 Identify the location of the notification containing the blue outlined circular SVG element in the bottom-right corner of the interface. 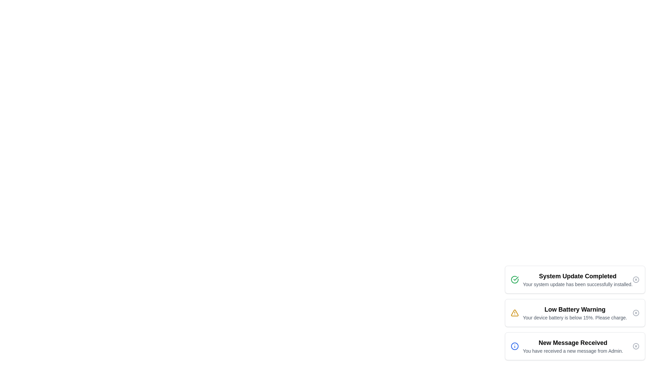
(514, 346).